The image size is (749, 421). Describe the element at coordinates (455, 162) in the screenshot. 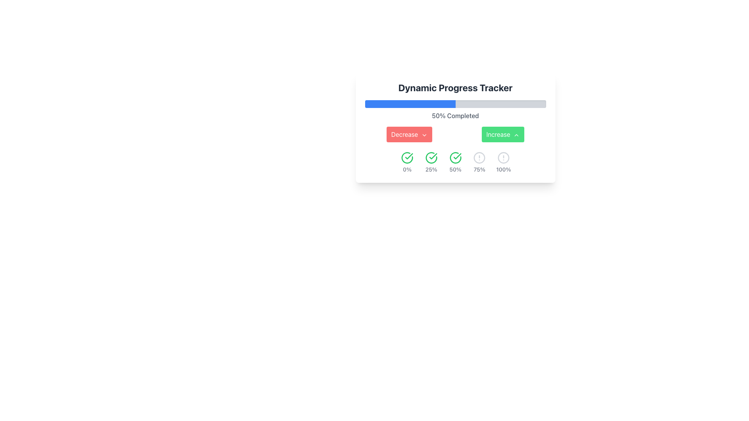

I see `the circular progress status indicator that shows '50%' with a green check mark icon and is styled with a green outline, located in the center of the sequence of five indicators` at that location.